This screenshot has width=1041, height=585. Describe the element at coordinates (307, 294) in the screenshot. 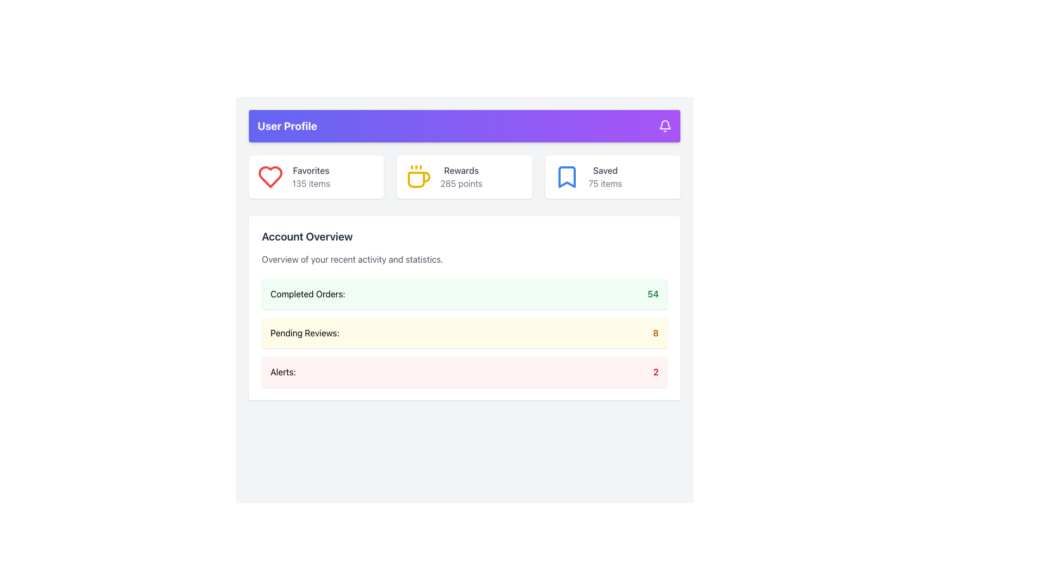

I see `static label displaying 'Completed Orders:' located in the top section of the green box in the 'Account Overview'` at that location.